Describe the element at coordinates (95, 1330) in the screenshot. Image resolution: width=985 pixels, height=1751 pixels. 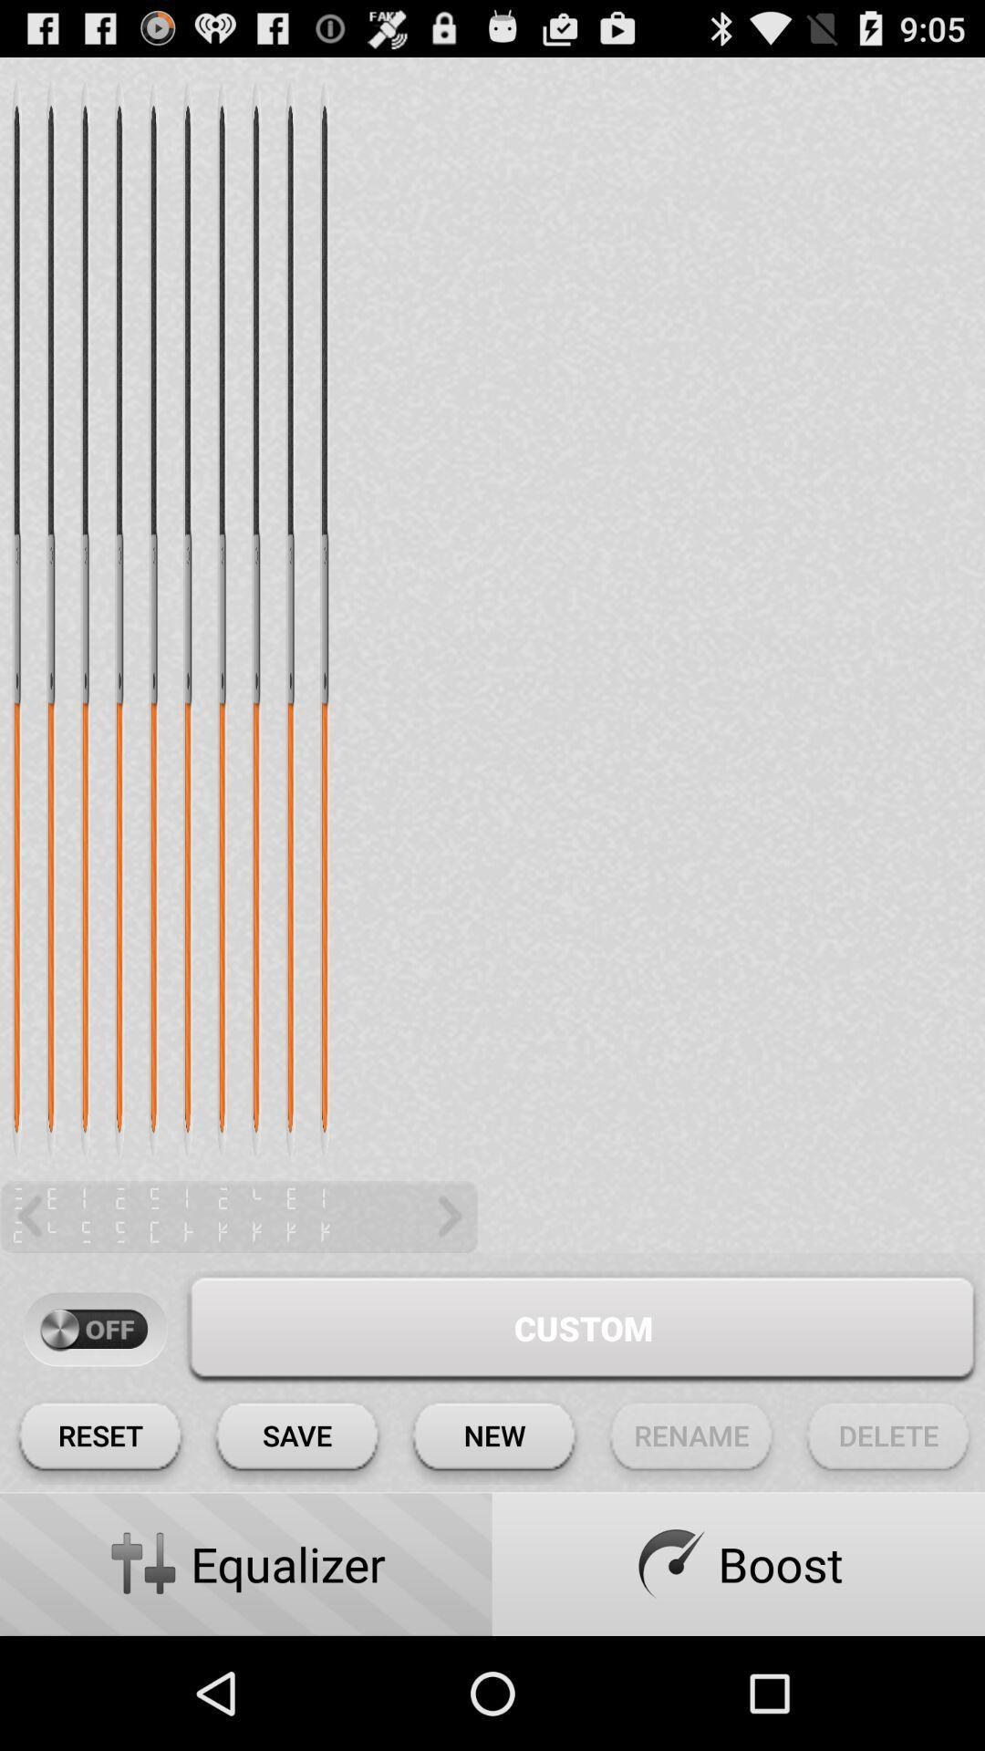
I see `turn off` at that location.